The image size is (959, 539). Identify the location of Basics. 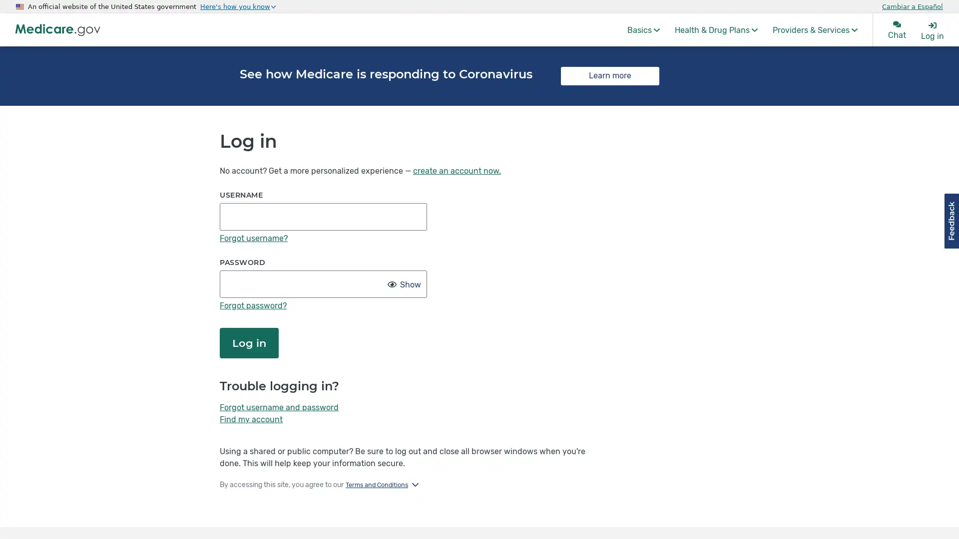
(643, 29).